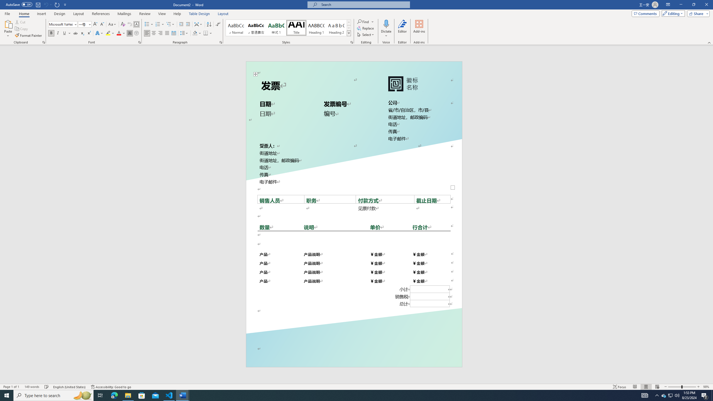  I want to click on 'Paragraph...', so click(221, 42).